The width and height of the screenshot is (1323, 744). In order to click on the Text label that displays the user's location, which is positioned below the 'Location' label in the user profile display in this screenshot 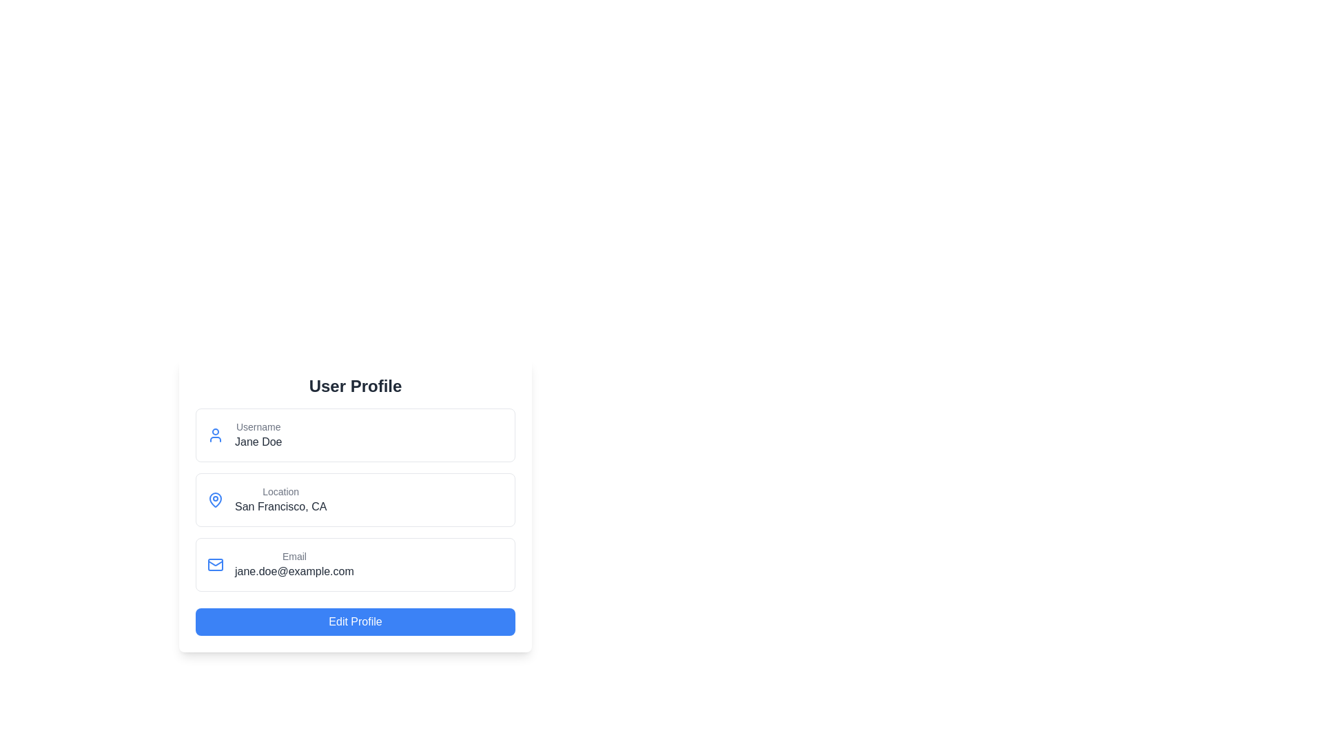, I will do `click(280, 507)`.